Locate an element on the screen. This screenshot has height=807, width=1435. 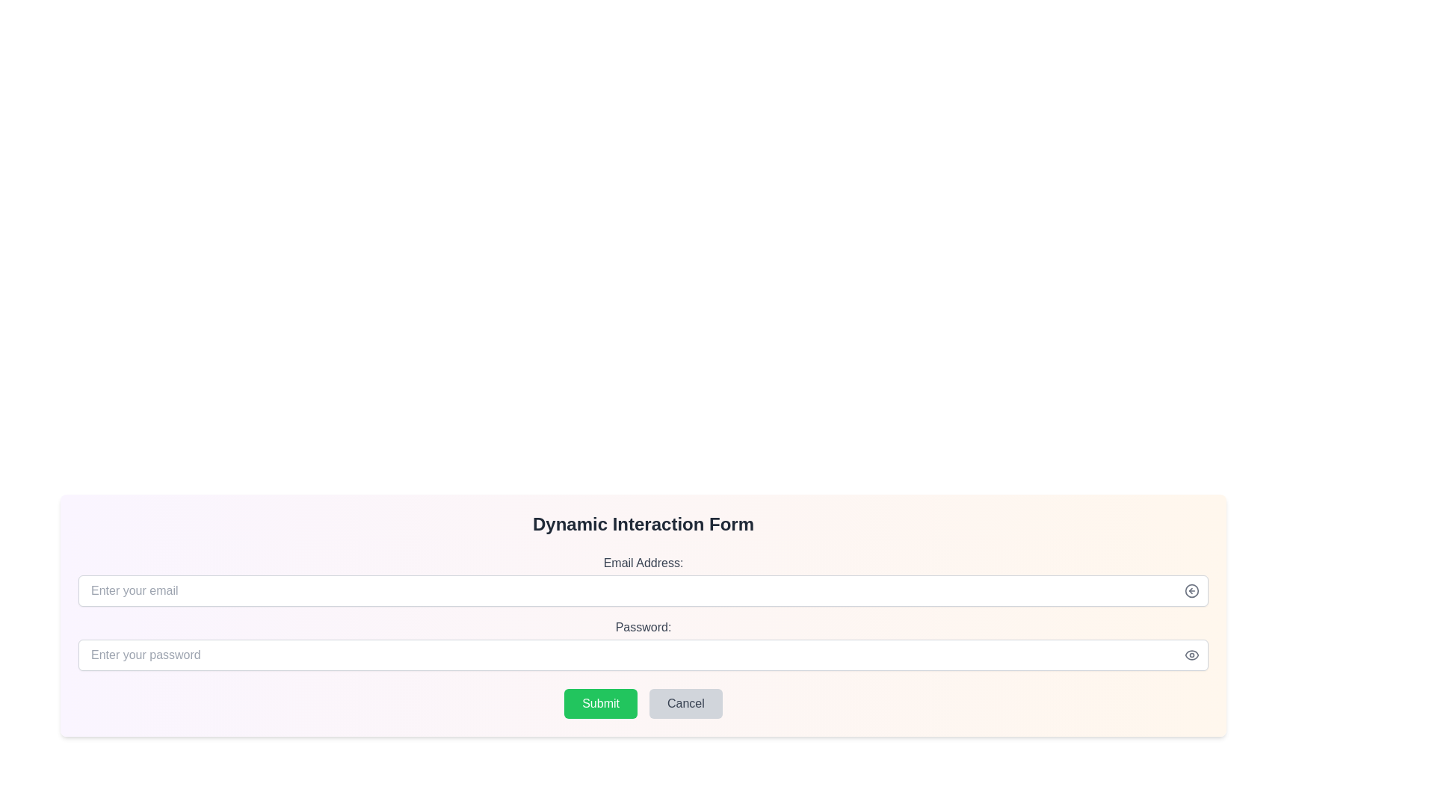
the eye icon located on the right side of the password input field is located at coordinates (1191, 654).